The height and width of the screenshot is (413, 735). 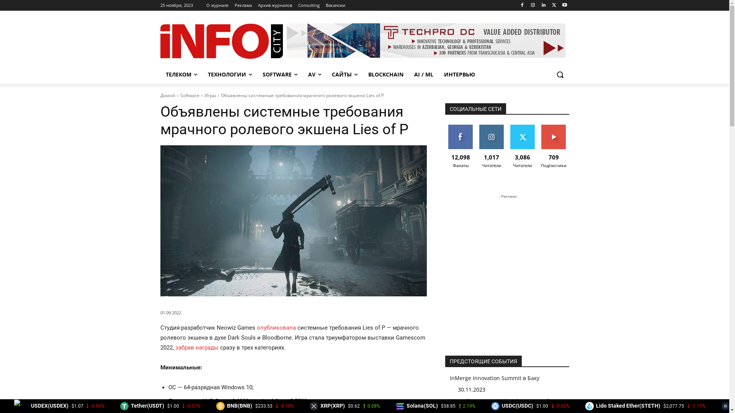 What do you see at coordinates (543, 5) in the screenshot?
I see `'Linkedin'` at bounding box center [543, 5].